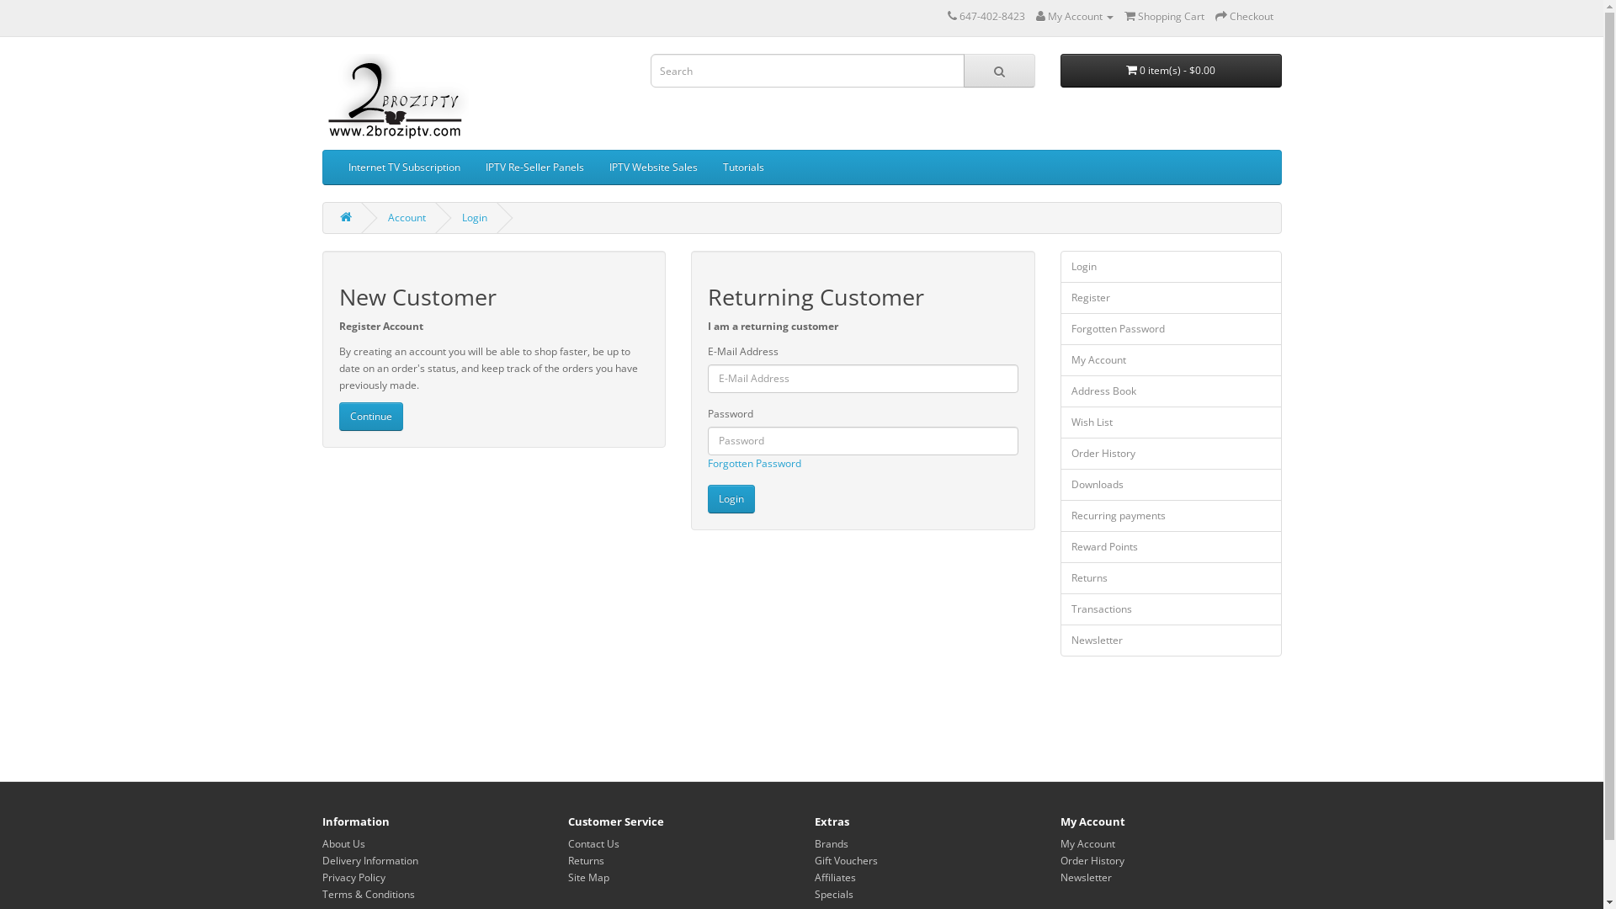 The width and height of the screenshot is (1616, 909). Describe the element at coordinates (1170, 484) in the screenshot. I see `'Downloads'` at that location.